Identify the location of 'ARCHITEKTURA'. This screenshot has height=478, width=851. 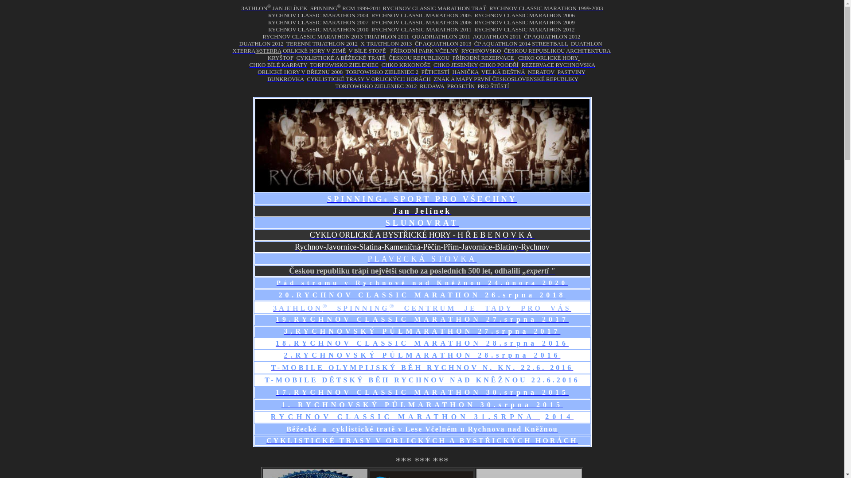
(588, 50).